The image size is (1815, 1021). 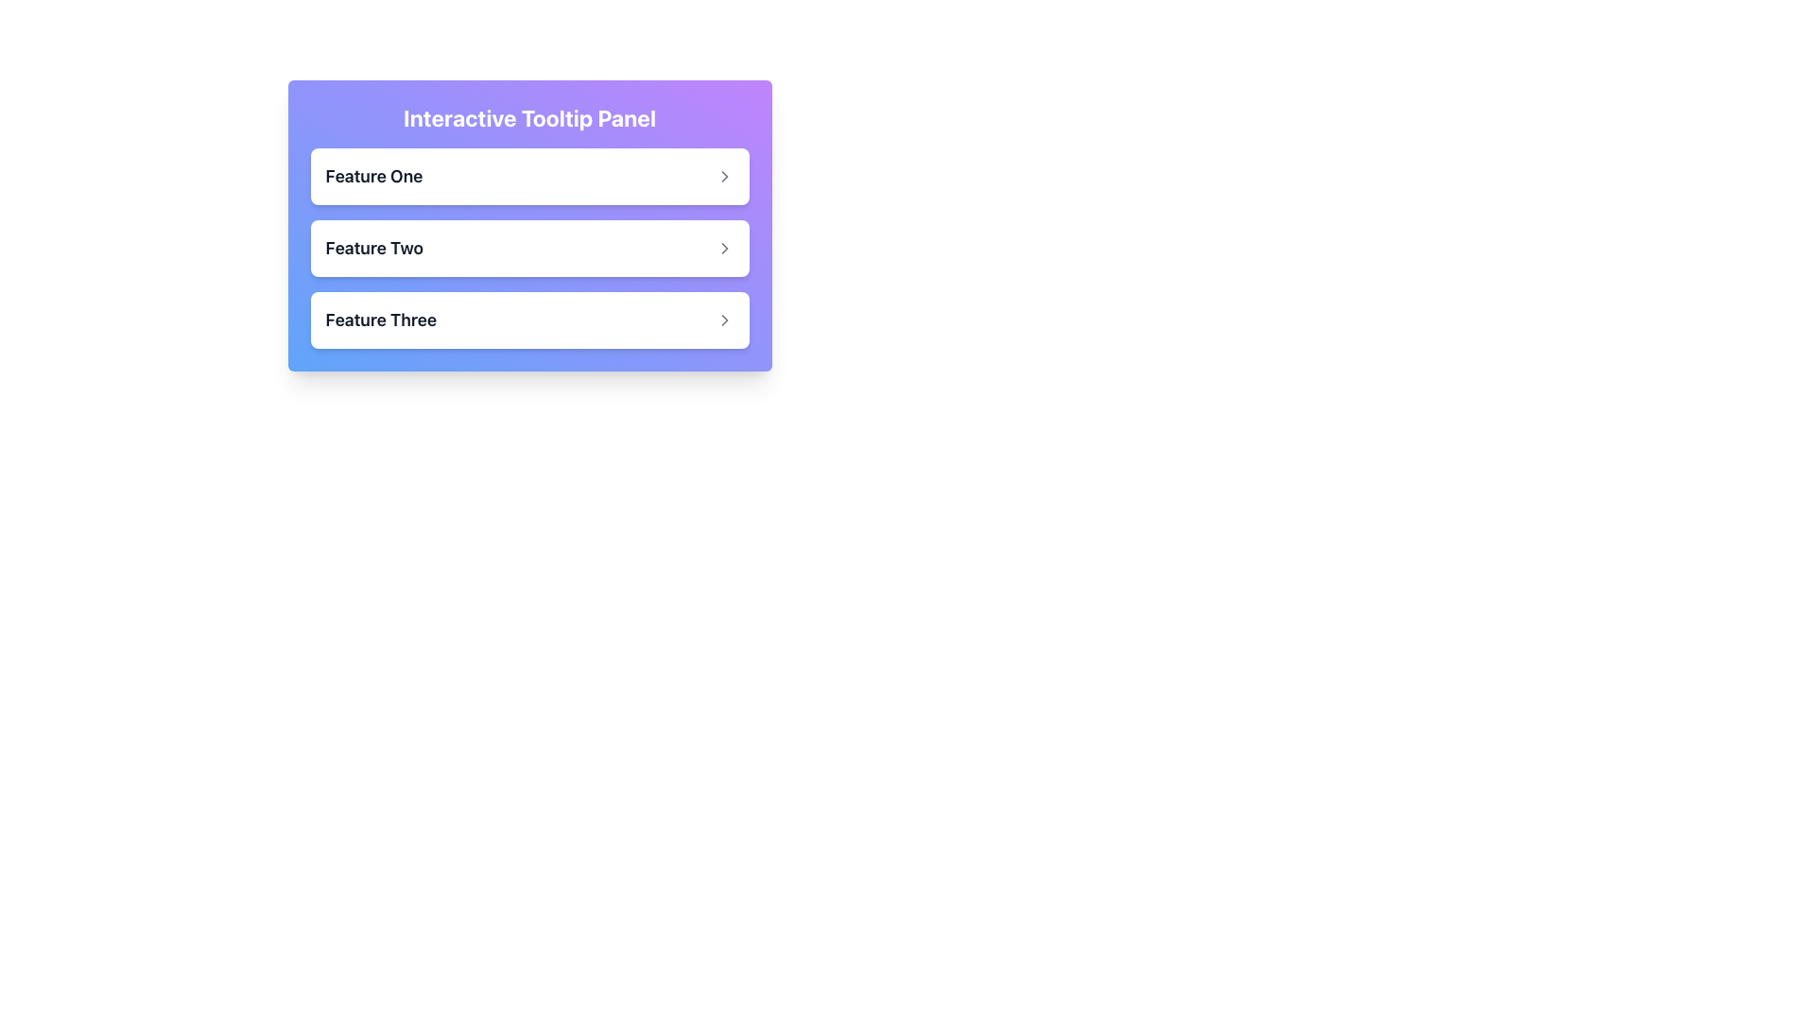 I want to click on the interactive indicator icon positioned to the right of the 'Feature Two' label, which suggests further details or navigation, so click(x=723, y=247).